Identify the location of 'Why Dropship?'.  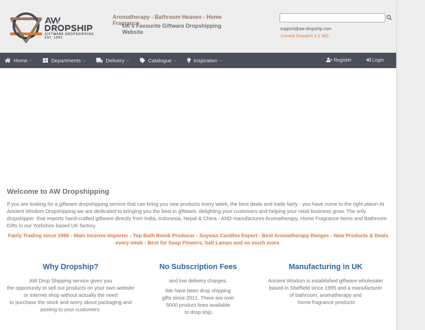
(70, 266).